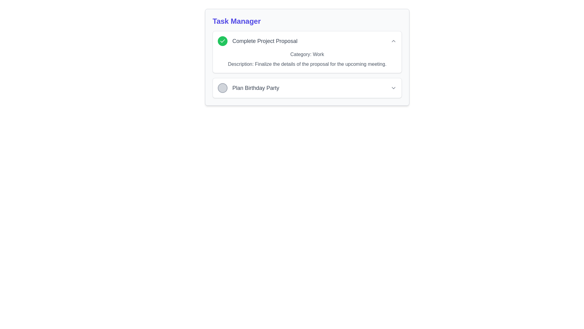 This screenshot has width=584, height=329. What do you see at coordinates (248, 88) in the screenshot?
I see `the checkbox next to the task item 'Plan Birthday Party' in the Task Manager` at bounding box center [248, 88].